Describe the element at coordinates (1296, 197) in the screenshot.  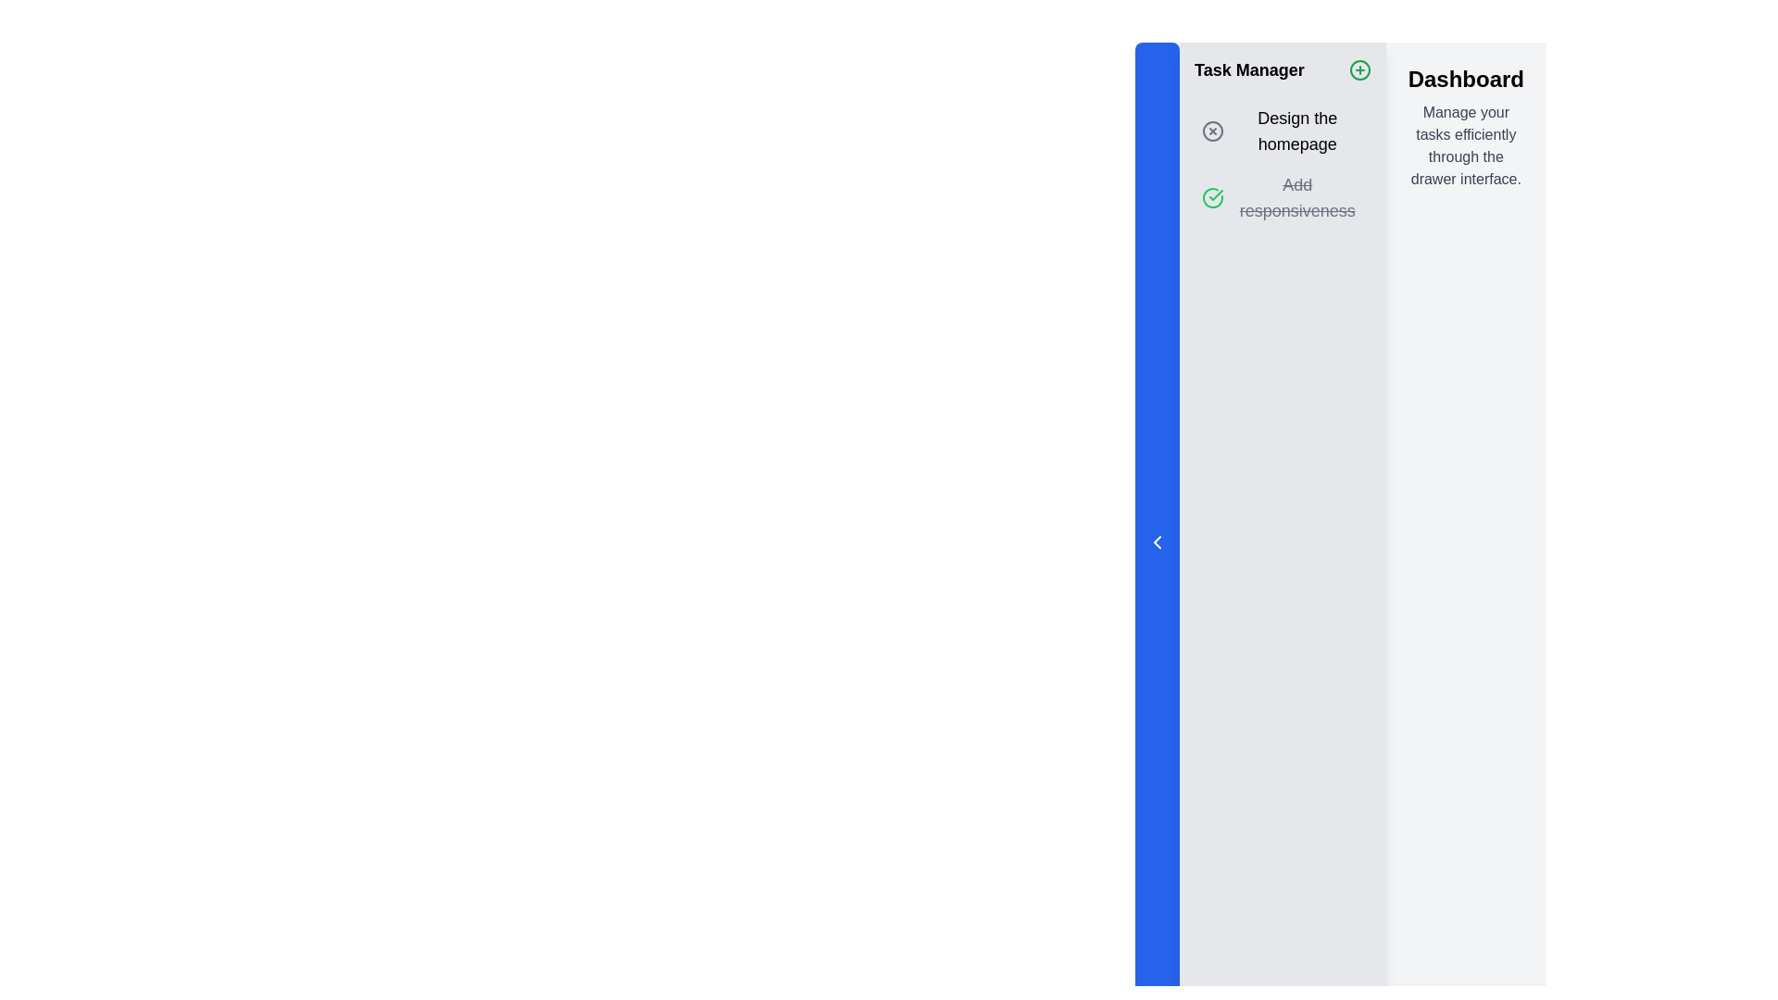
I see `the strikethrough text label displaying 'Add responsiveness' located under the 'Task Manager' section` at that location.